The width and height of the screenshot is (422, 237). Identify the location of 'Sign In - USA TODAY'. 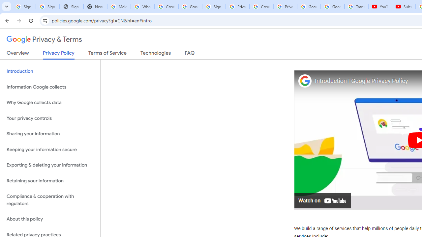
(71, 7).